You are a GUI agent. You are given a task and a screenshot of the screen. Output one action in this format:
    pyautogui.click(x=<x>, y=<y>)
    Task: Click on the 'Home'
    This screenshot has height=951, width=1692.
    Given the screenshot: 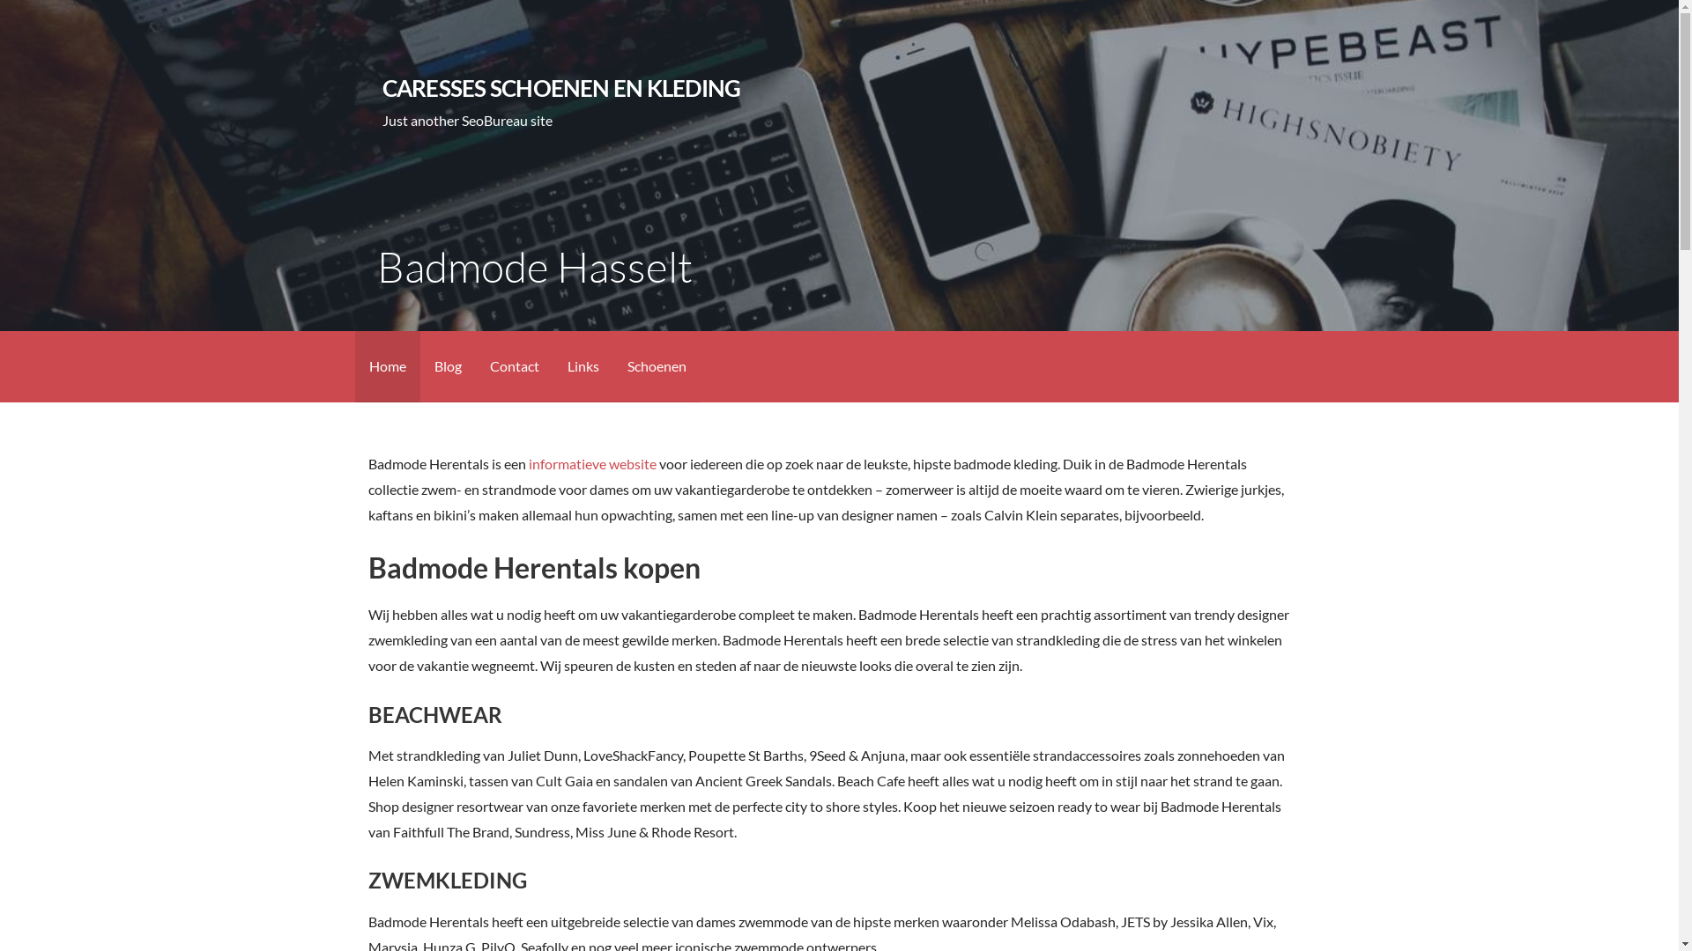 What is the action you would take?
    pyautogui.click(x=385, y=365)
    